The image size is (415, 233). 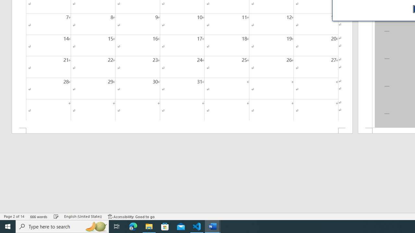 What do you see at coordinates (83, 216) in the screenshot?
I see `'Language English (United States)'` at bounding box center [83, 216].